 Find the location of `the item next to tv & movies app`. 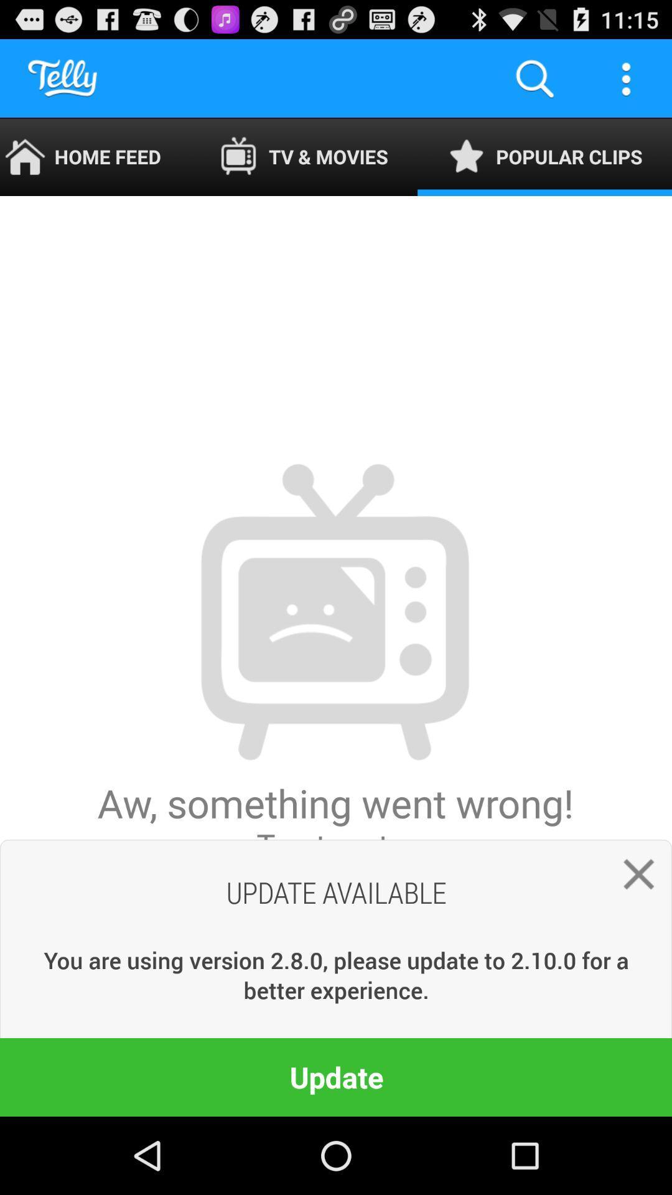

the item next to tv & movies app is located at coordinates (95, 156).